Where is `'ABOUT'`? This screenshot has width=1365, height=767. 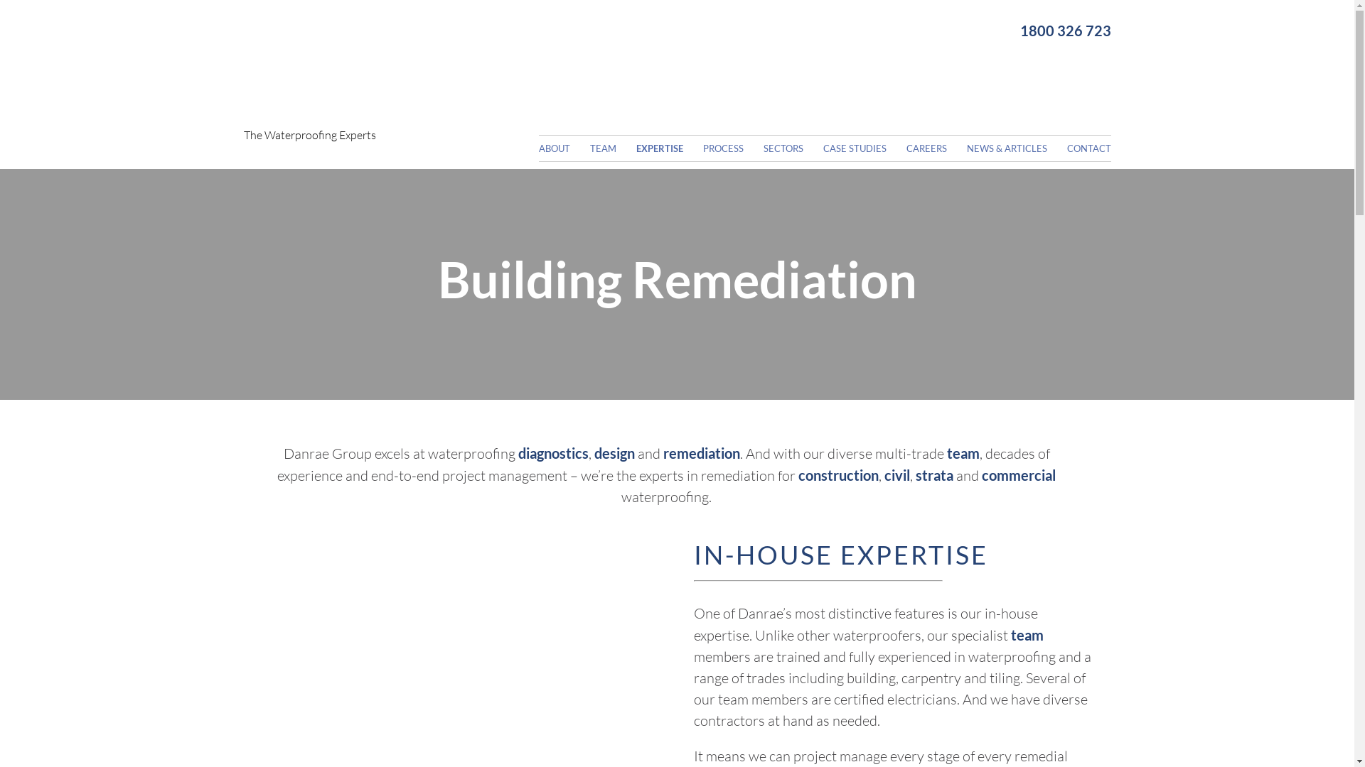 'ABOUT' is located at coordinates (562, 148).